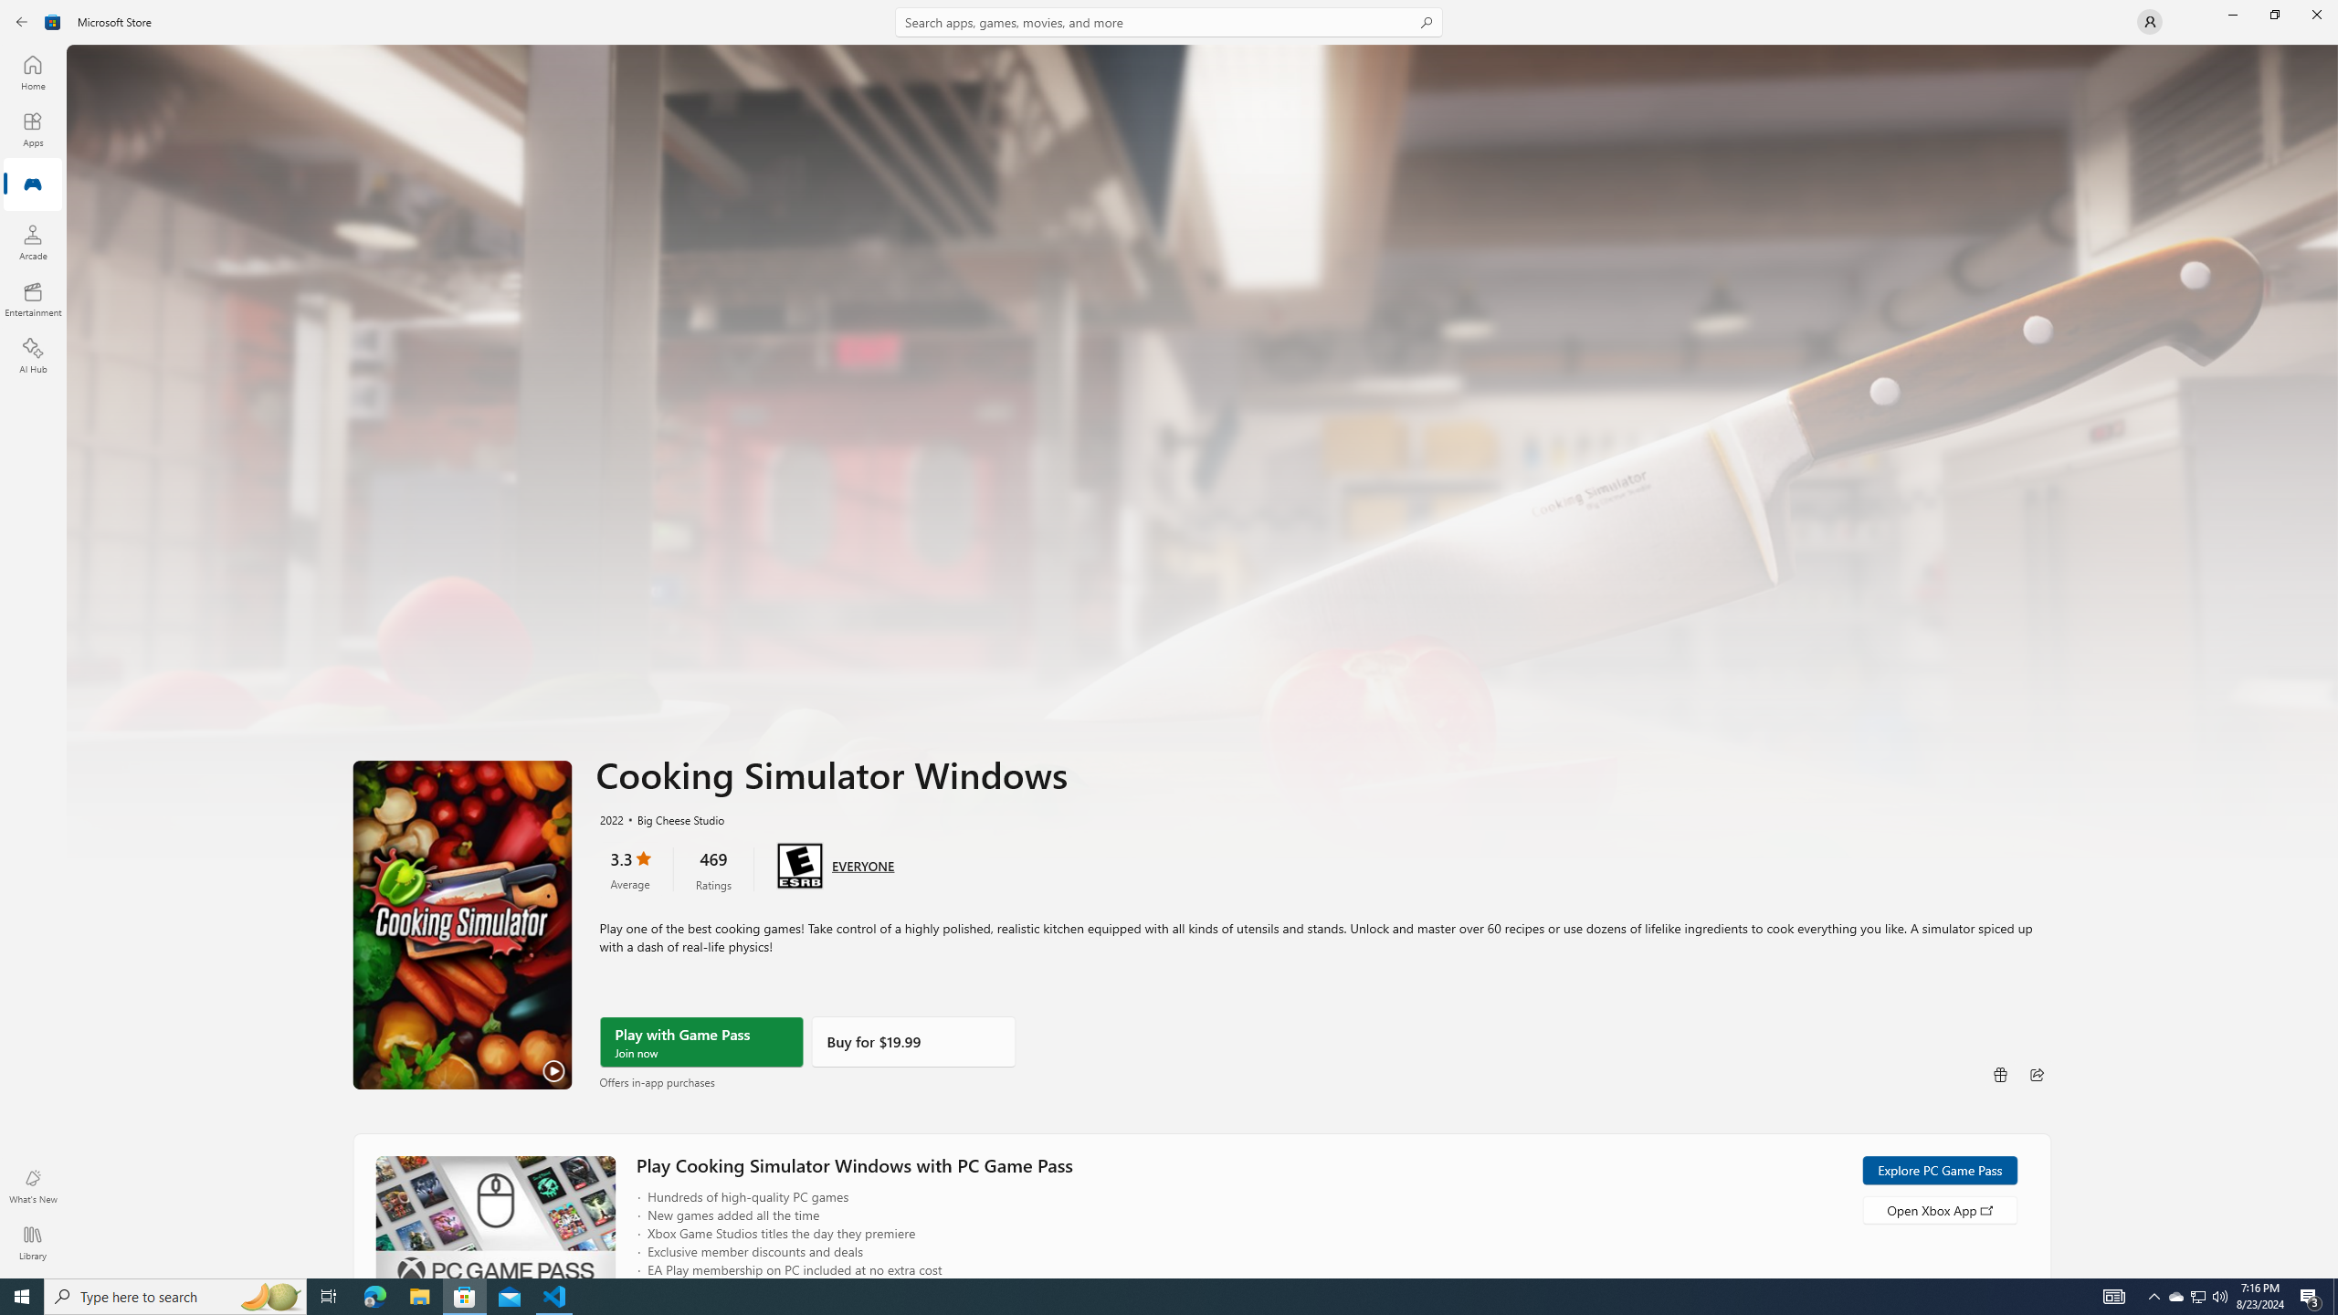 This screenshot has height=1315, width=2338. I want to click on 'User profile', so click(2148, 20).